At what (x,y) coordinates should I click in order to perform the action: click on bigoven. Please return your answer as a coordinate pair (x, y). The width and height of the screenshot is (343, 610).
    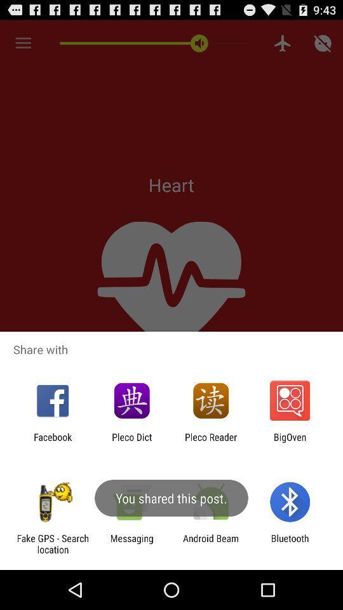
    Looking at the image, I should click on (290, 442).